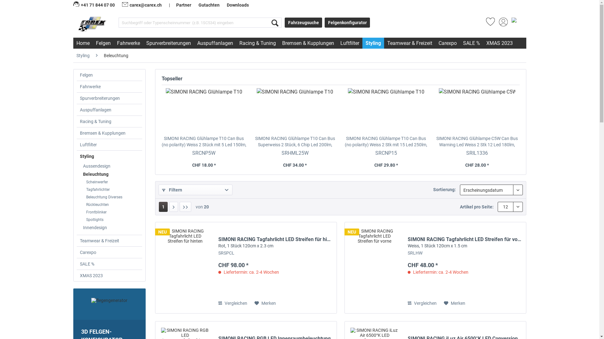  What do you see at coordinates (209, 5) in the screenshot?
I see `'Gutachten'` at bounding box center [209, 5].